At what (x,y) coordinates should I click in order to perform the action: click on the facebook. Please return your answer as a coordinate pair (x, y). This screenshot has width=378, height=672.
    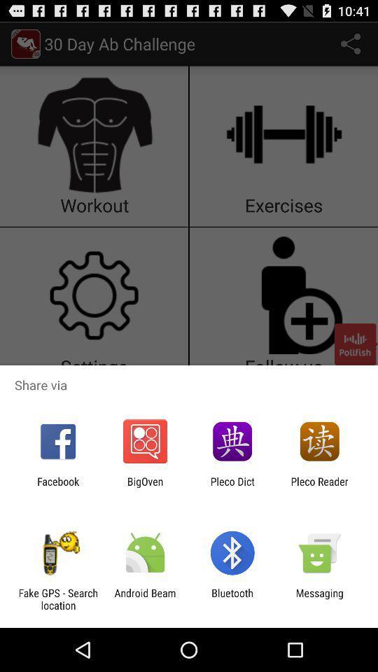
    Looking at the image, I should click on (57, 487).